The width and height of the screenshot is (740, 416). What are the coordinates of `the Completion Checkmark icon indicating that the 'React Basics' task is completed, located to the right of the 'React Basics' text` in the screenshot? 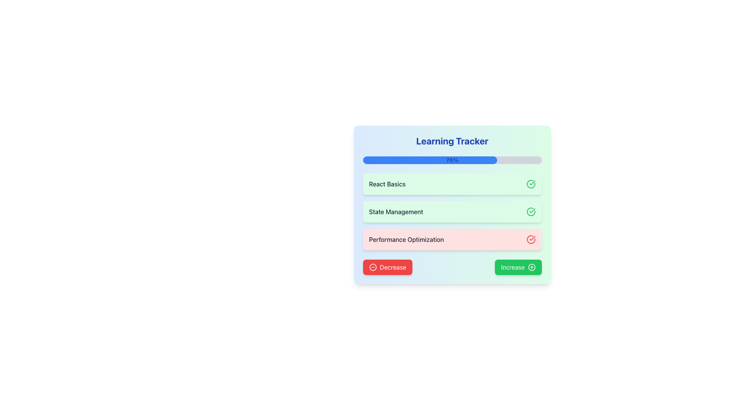 It's located at (530, 184).